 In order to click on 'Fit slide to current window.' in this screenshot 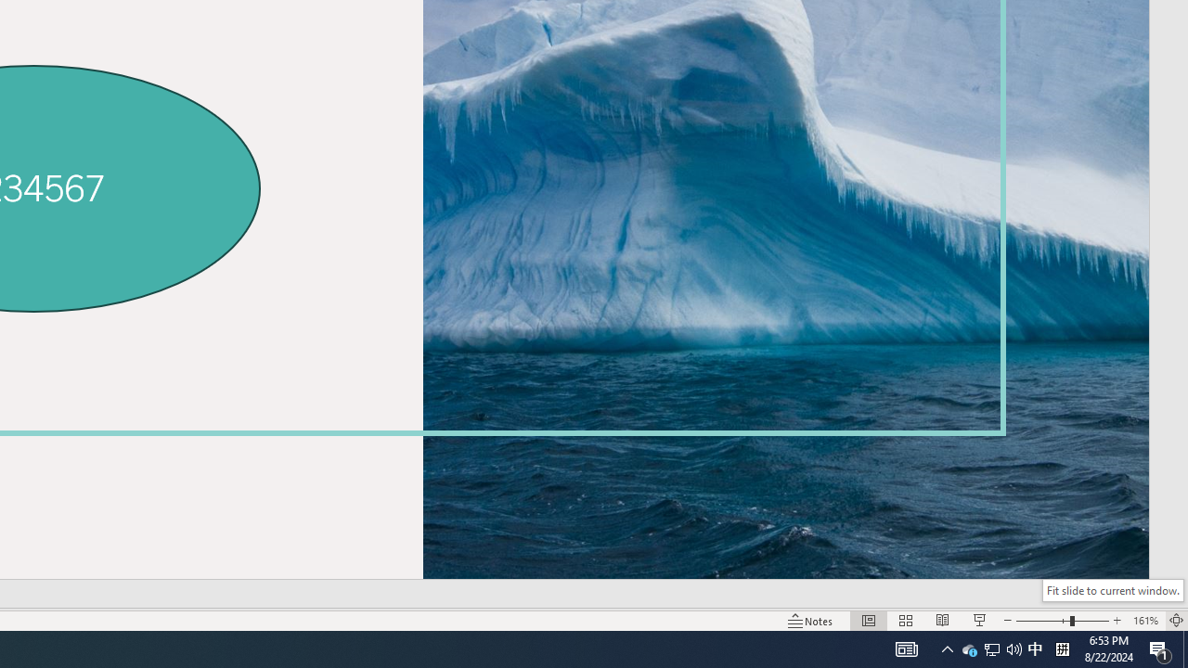, I will do `click(1113, 590)`.